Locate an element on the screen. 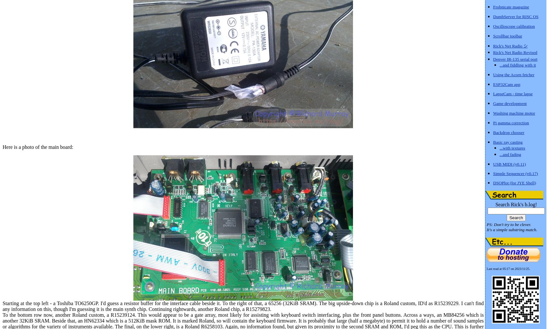 The height and width of the screenshot is (329, 549). 'Washing machine motor' is located at coordinates (514, 113).